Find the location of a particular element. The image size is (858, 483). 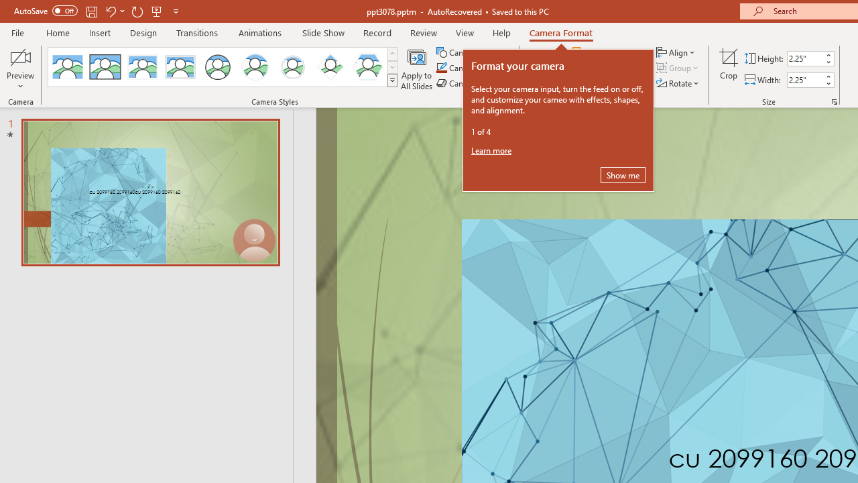

'Send Backward' is located at coordinates (606, 68).